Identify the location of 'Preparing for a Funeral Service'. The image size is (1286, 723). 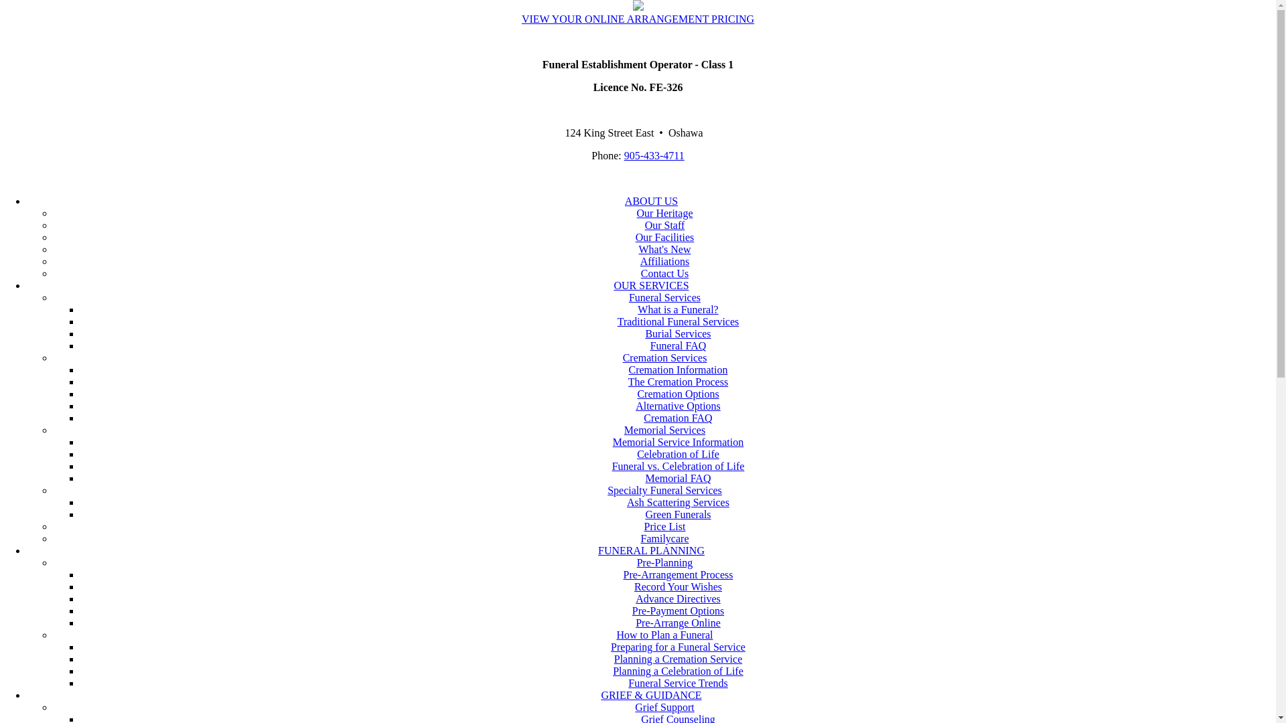
(678, 646).